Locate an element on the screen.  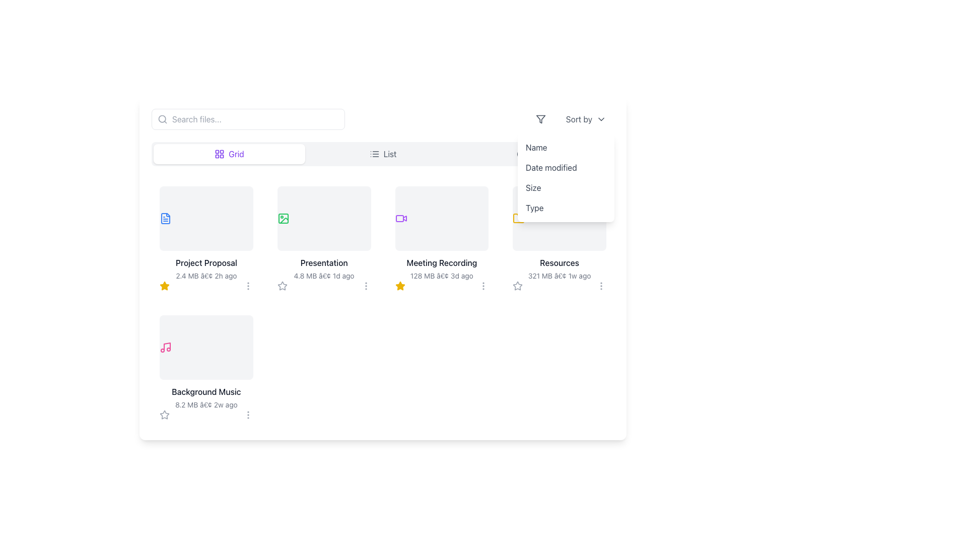
the 'Background Music' label which displays 'Background Music' in bold black text and additional details in smaller gray text underneath, located in the fourth cell of a grid layout is located at coordinates (205, 397).